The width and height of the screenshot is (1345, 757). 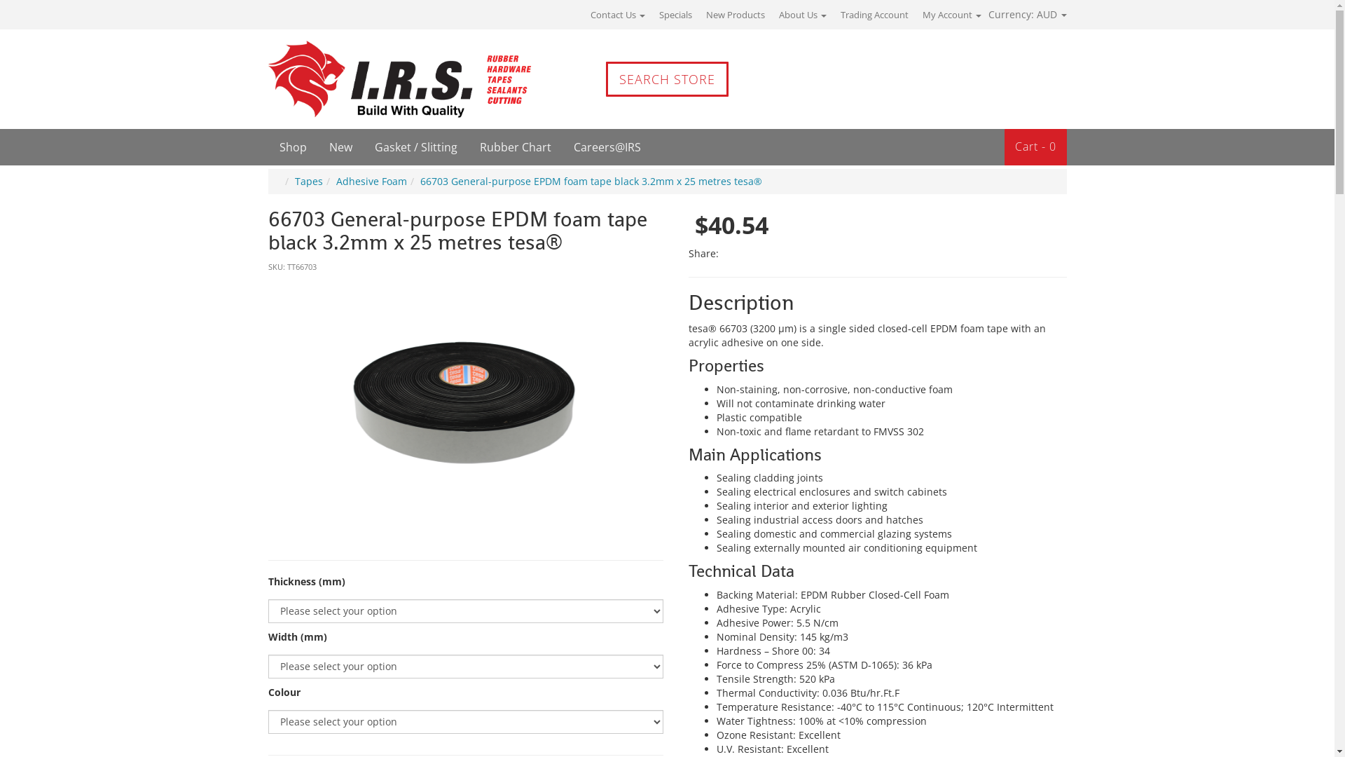 I want to click on 'Currency: AUD', so click(x=1023, y=14).